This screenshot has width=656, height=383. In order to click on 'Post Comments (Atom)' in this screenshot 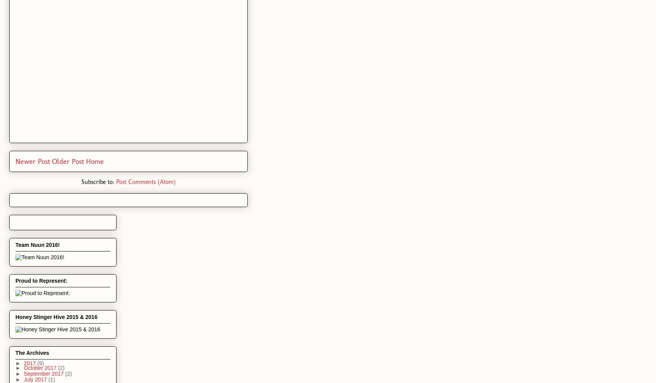, I will do `click(145, 181)`.